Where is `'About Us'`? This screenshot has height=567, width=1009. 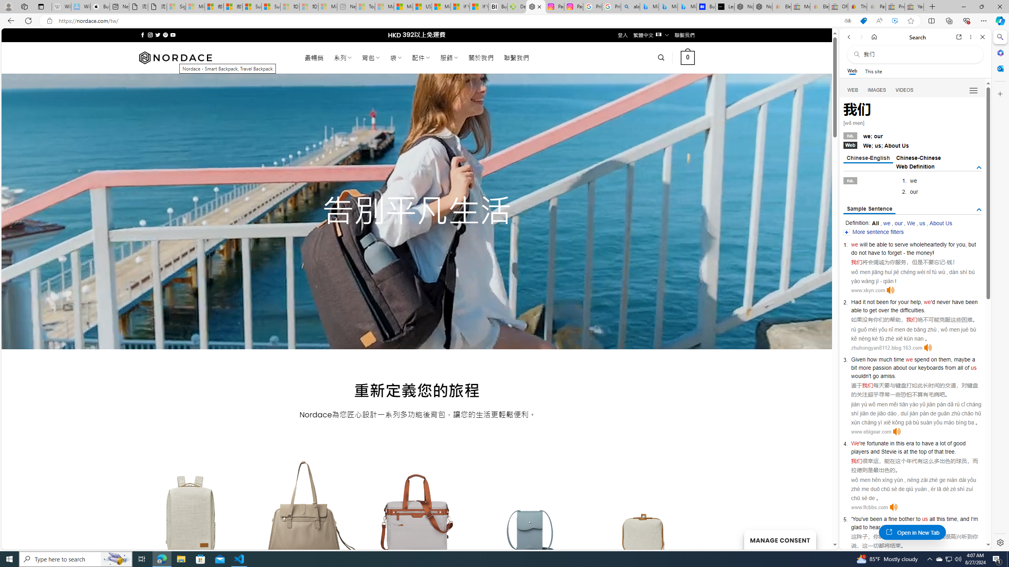
'About Us' is located at coordinates (940, 223).